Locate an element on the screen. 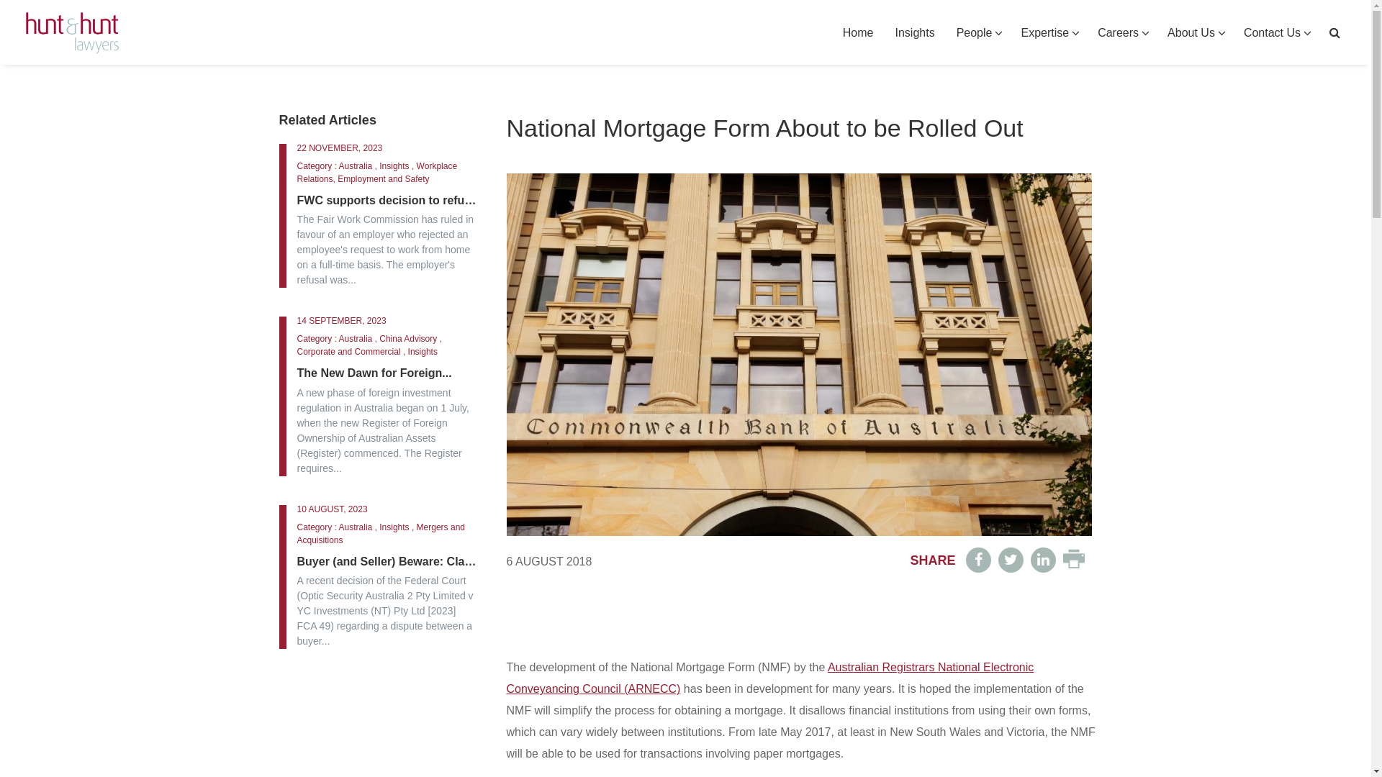 This screenshot has height=777, width=1382. 'Australia' is located at coordinates (338, 527).